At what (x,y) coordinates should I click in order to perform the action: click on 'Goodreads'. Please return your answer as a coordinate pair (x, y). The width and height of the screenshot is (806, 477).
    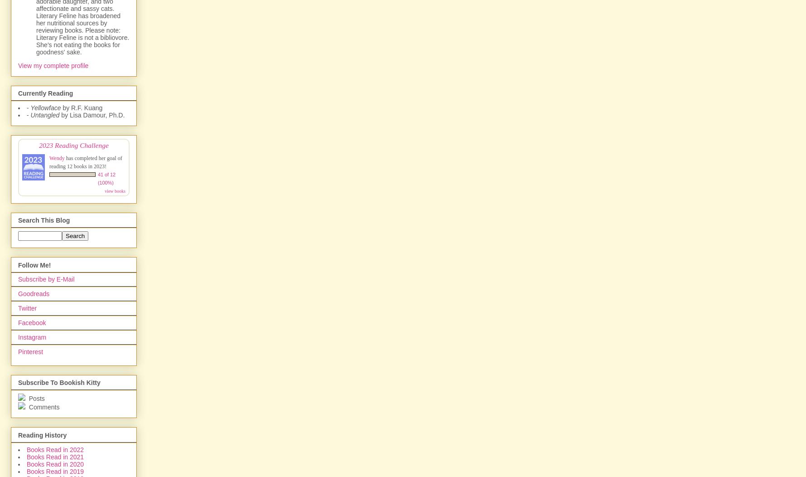
    Looking at the image, I should click on (33, 293).